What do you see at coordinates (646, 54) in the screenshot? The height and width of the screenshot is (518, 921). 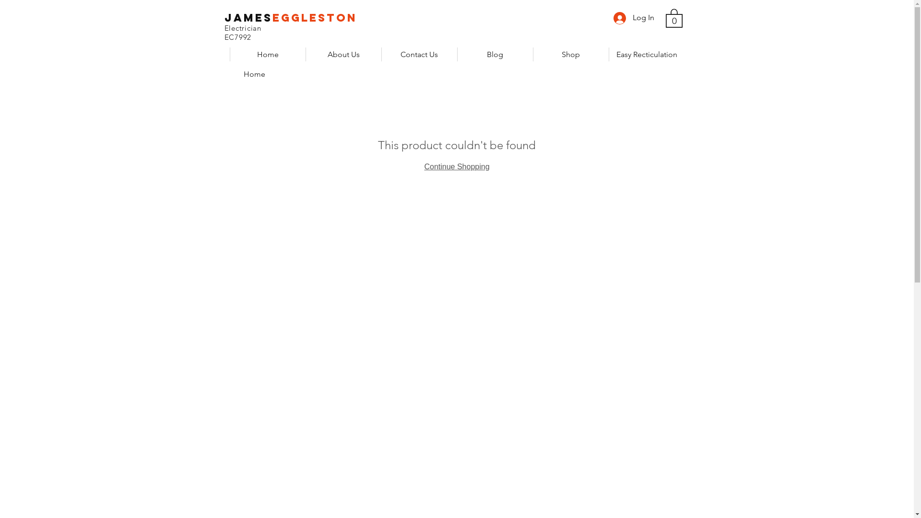 I see `'Easy Recticulation'` at bounding box center [646, 54].